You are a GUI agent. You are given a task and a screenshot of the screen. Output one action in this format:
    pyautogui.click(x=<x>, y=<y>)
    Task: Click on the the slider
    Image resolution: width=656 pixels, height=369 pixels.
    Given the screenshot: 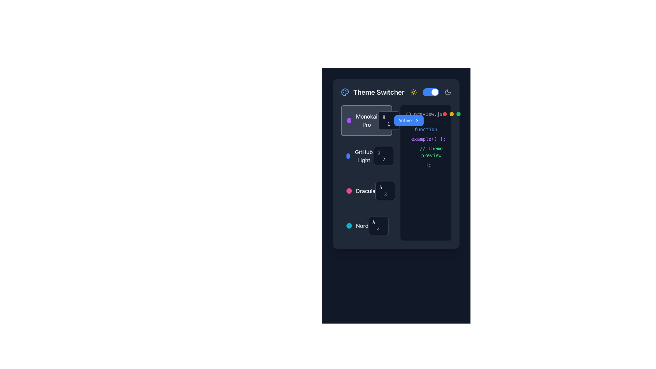 What is the action you would take?
    pyautogui.click(x=426, y=92)
    